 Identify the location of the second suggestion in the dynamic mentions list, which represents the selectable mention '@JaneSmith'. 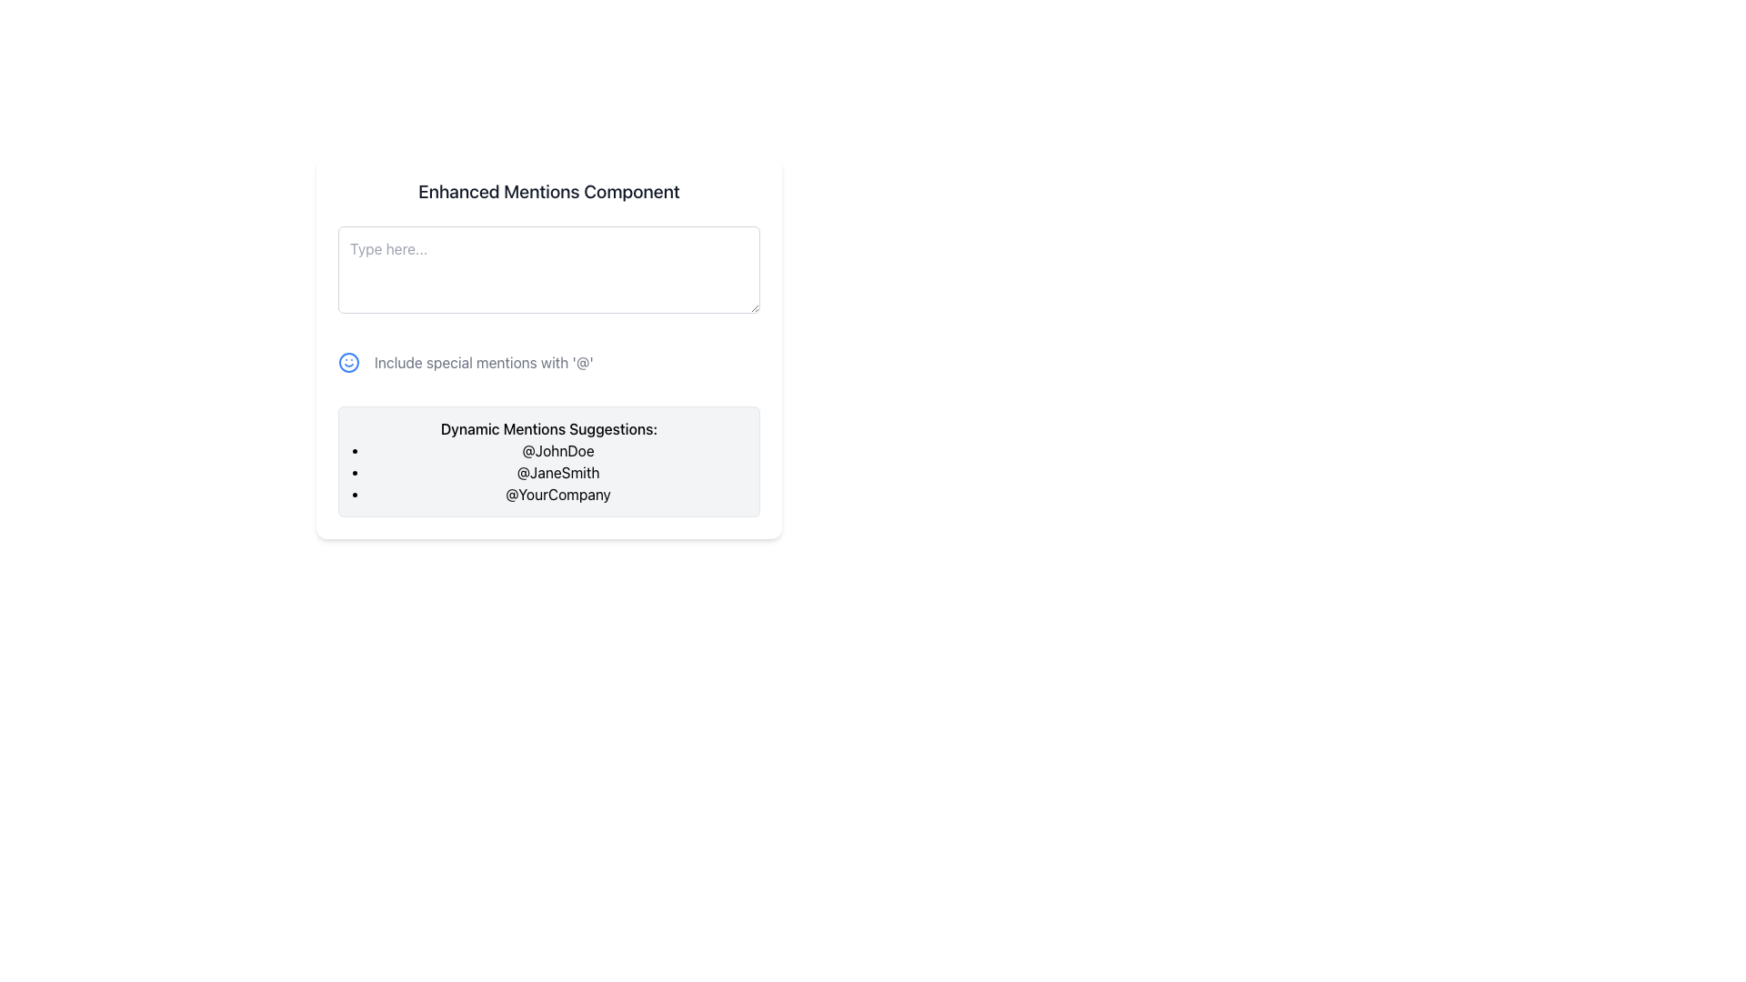
(557, 472).